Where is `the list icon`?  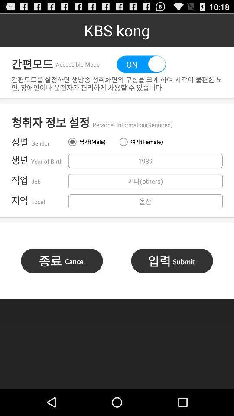
the list icon is located at coordinates (172, 279).